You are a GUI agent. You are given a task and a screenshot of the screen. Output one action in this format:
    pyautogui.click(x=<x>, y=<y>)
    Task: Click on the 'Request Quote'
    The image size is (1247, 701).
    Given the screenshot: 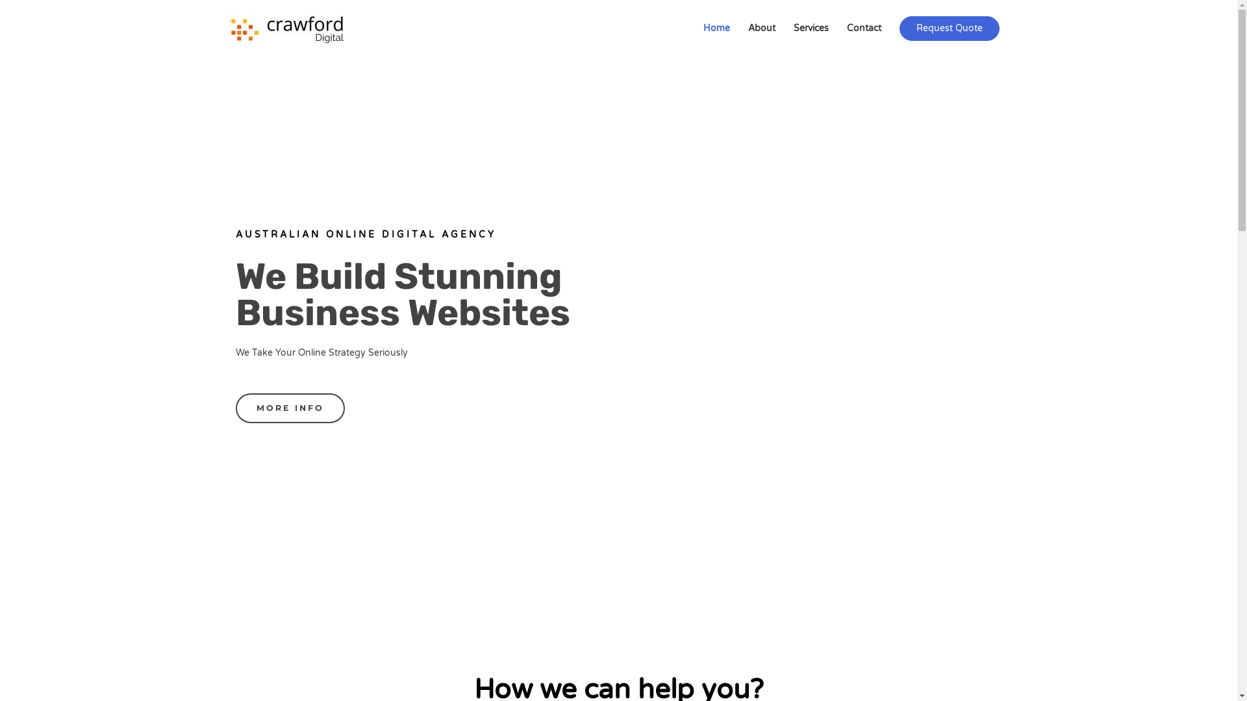 What is the action you would take?
    pyautogui.click(x=948, y=28)
    